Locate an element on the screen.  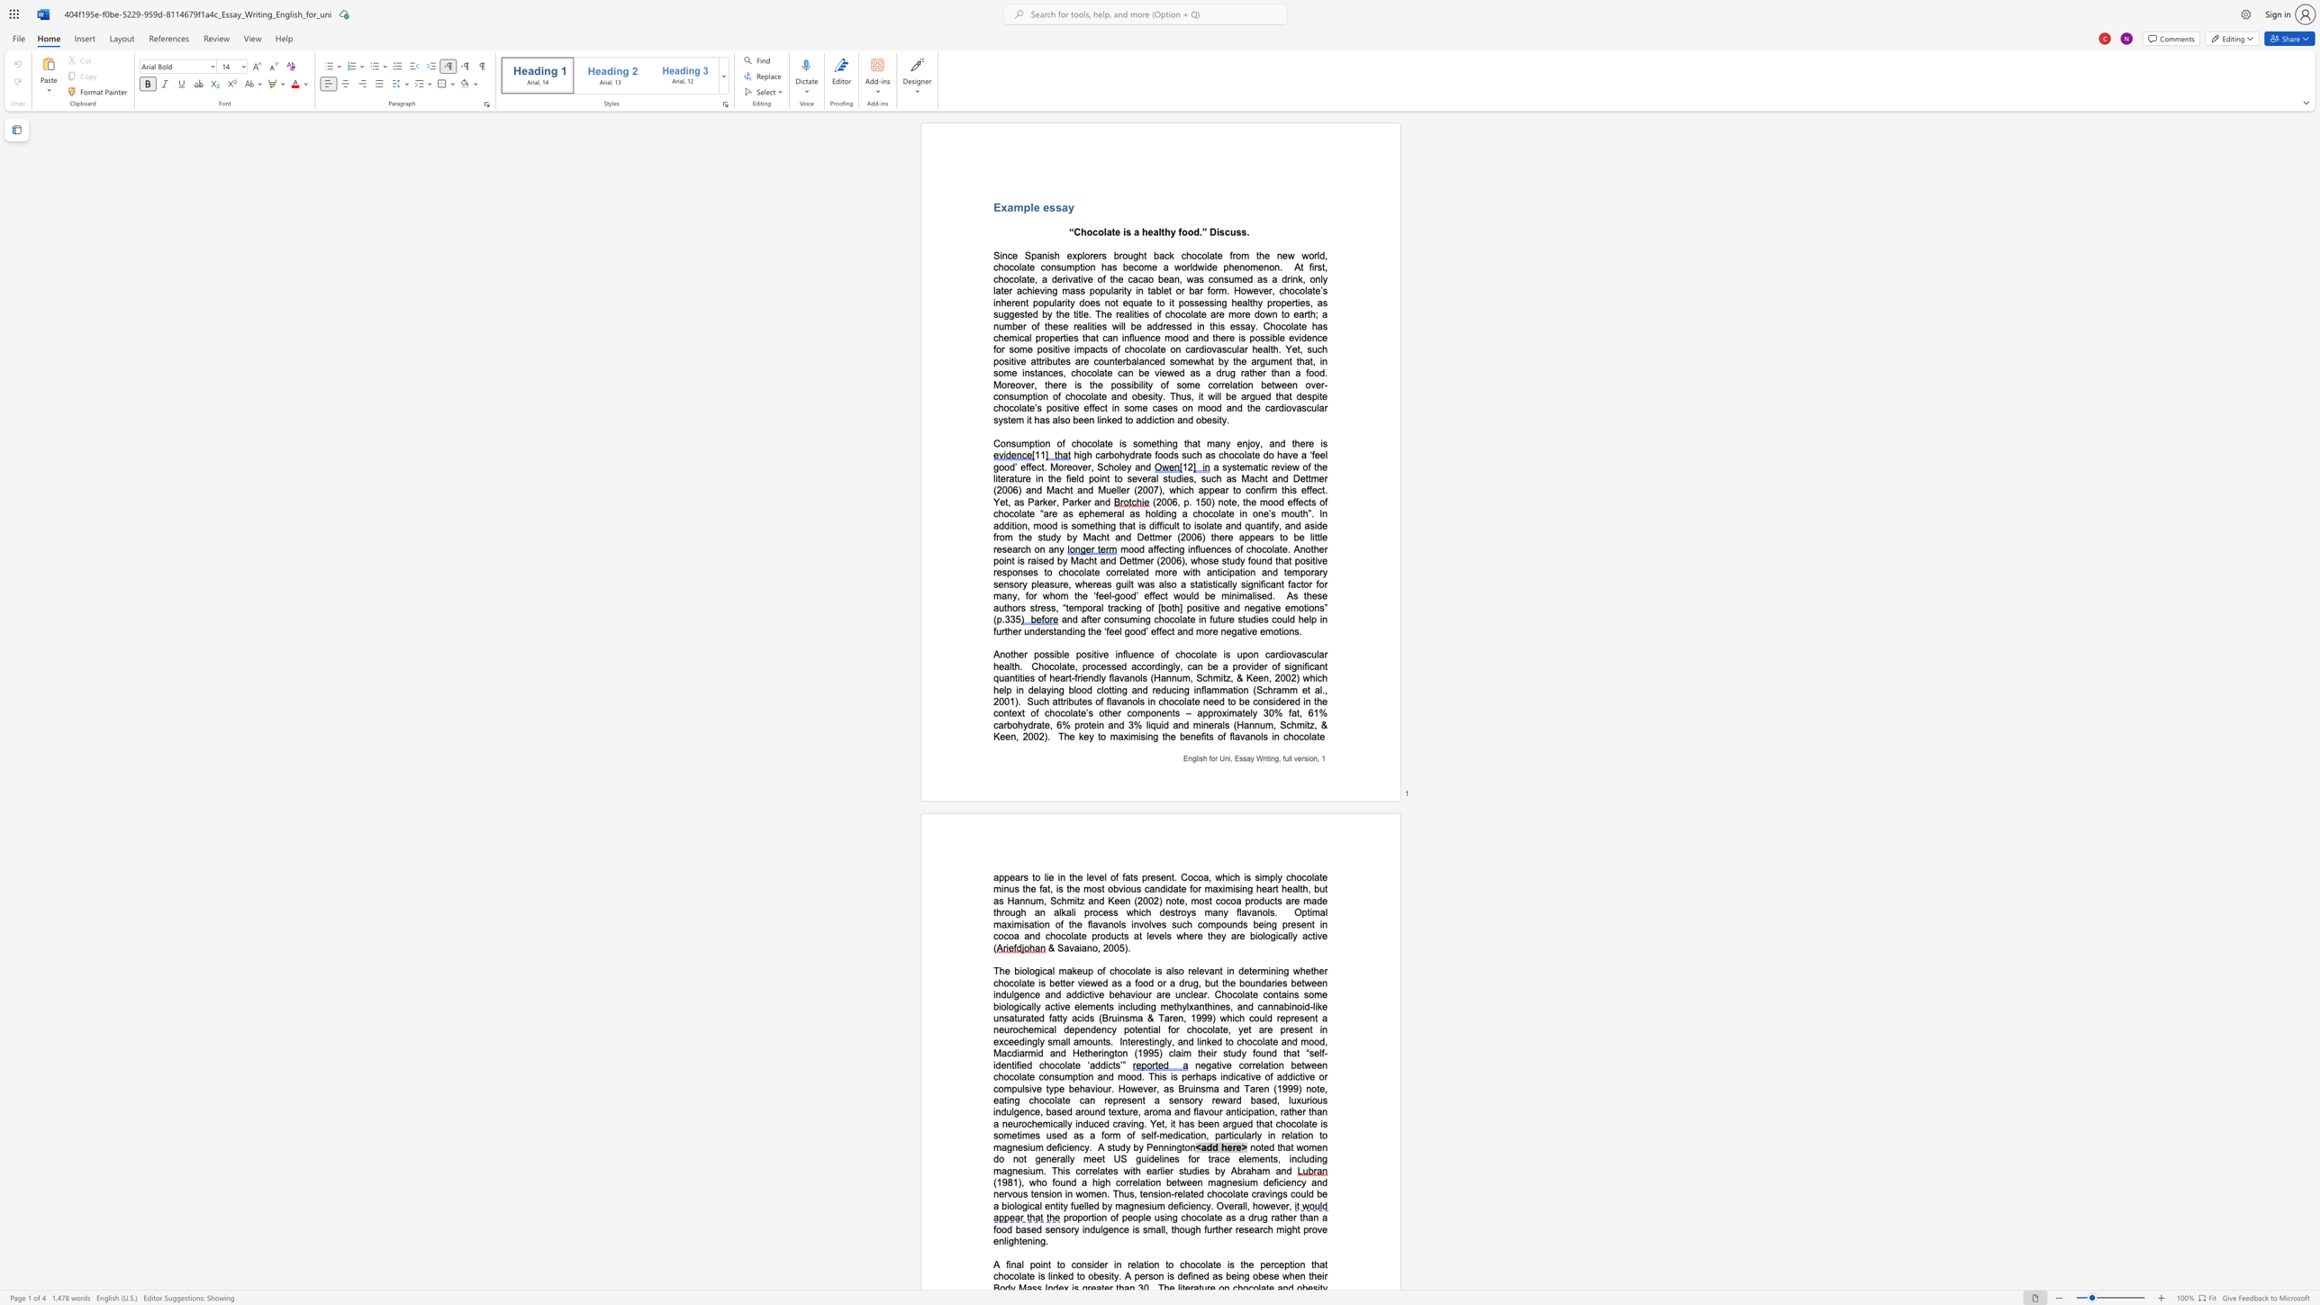
the subset text "uence mood and" within the text "emical properties that can influence mood and there is" is located at coordinates (1133, 337).